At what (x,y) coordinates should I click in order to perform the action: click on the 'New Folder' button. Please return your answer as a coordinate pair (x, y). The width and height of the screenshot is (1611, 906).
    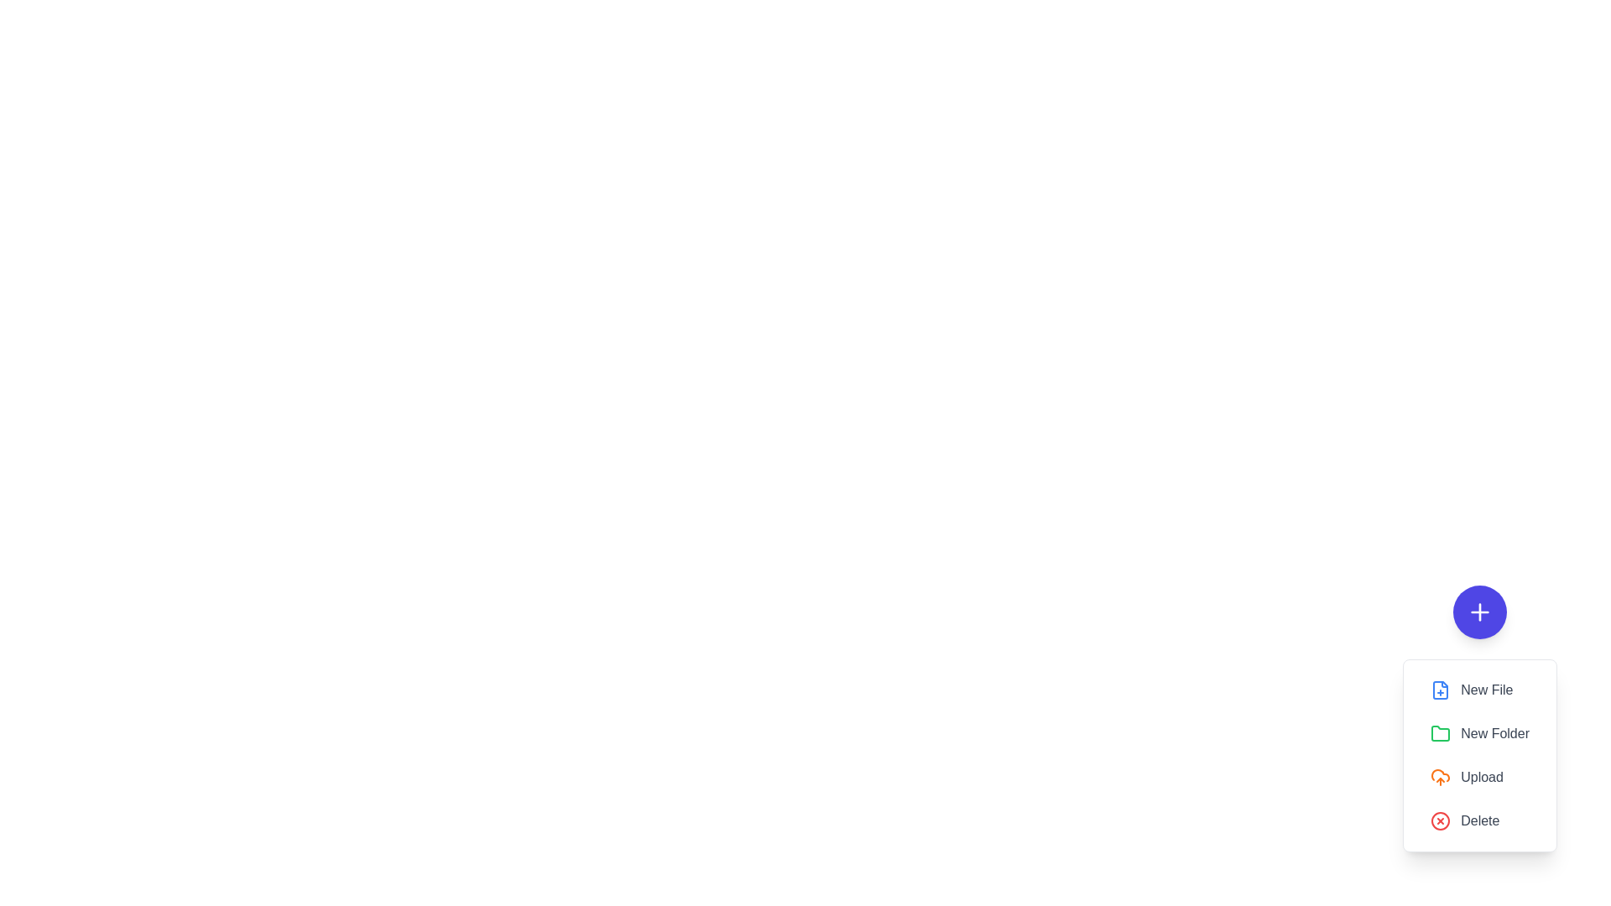
    Looking at the image, I should click on (1480, 733).